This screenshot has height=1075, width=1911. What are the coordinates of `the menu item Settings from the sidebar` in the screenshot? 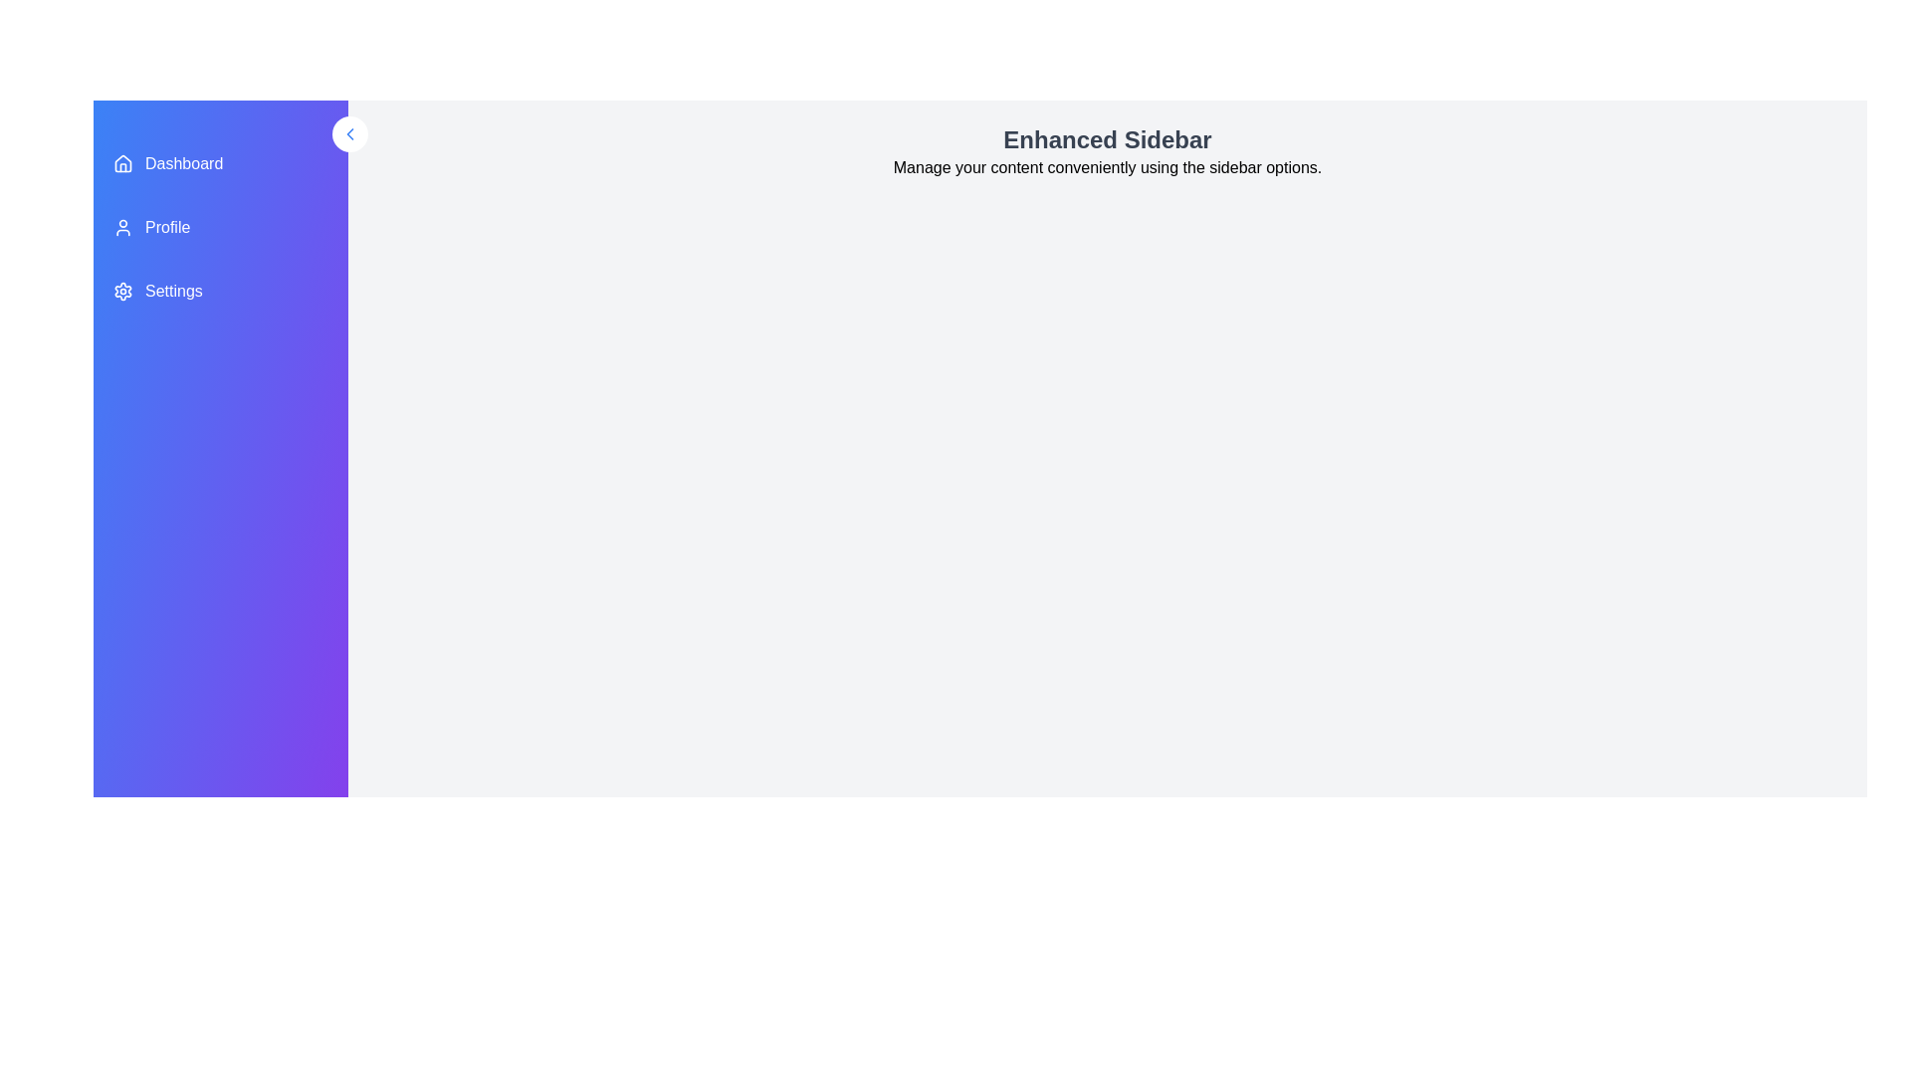 It's located at (220, 292).